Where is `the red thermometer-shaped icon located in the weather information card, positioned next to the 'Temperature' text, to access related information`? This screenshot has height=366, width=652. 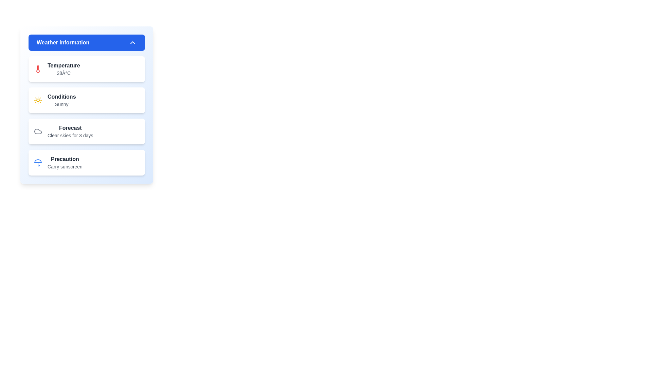 the red thermometer-shaped icon located in the weather information card, positioned next to the 'Temperature' text, to access related information is located at coordinates (37, 69).